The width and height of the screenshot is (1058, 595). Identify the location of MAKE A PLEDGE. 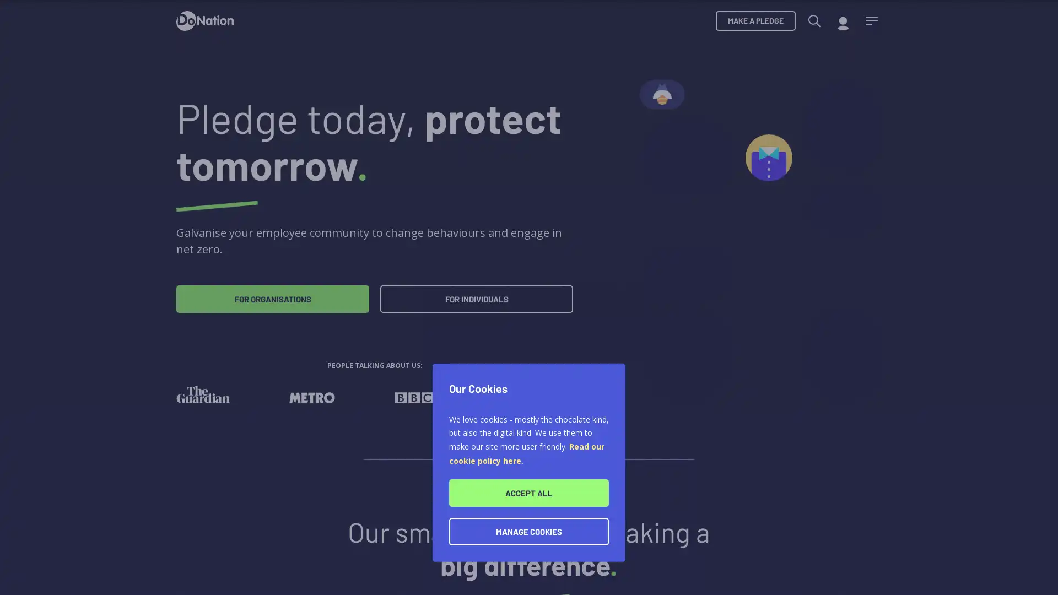
(755, 21).